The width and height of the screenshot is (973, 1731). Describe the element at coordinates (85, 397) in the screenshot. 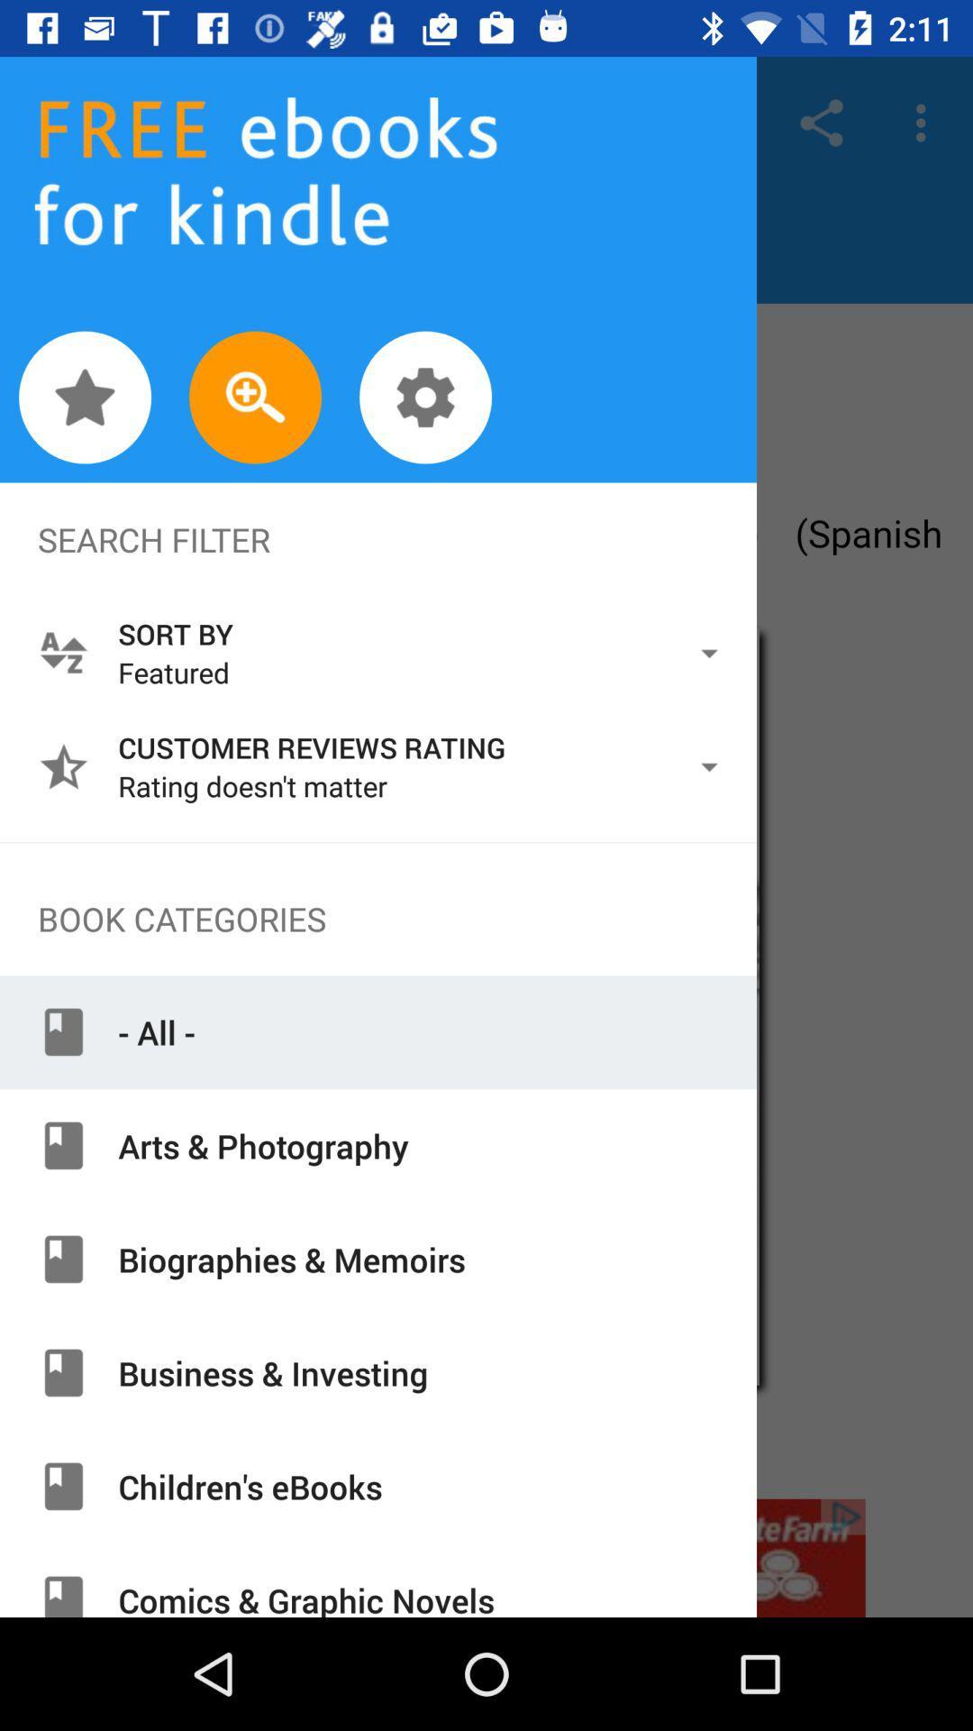

I see `favourites` at that location.